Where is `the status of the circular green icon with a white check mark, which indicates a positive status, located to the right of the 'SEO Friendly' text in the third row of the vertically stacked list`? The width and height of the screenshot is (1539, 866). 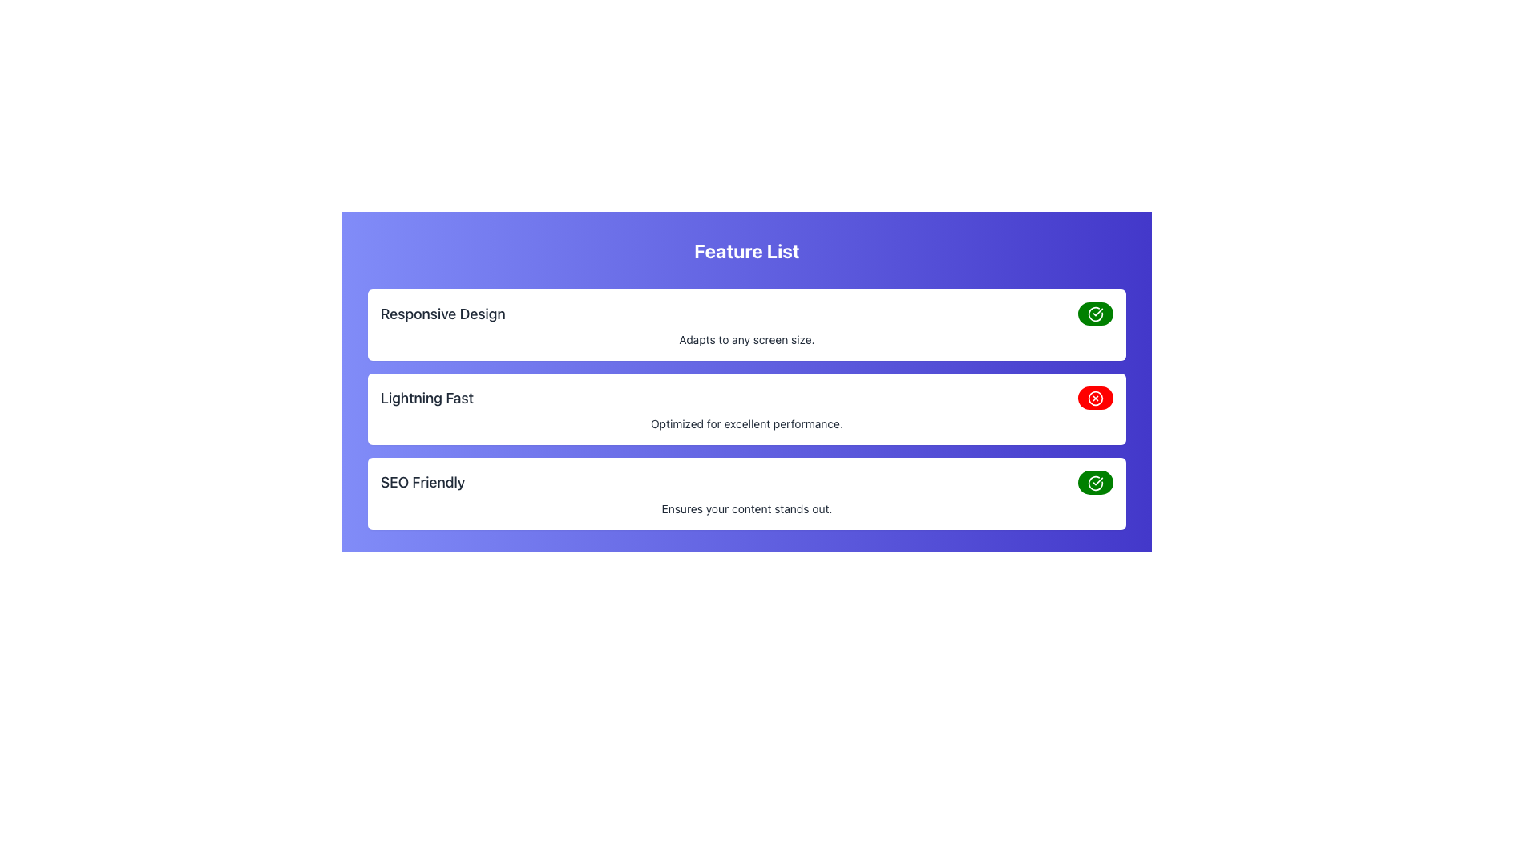
the status of the circular green icon with a white check mark, which indicates a positive status, located to the right of the 'SEO Friendly' text in the third row of the vertically stacked list is located at coordinates (1095, 481).